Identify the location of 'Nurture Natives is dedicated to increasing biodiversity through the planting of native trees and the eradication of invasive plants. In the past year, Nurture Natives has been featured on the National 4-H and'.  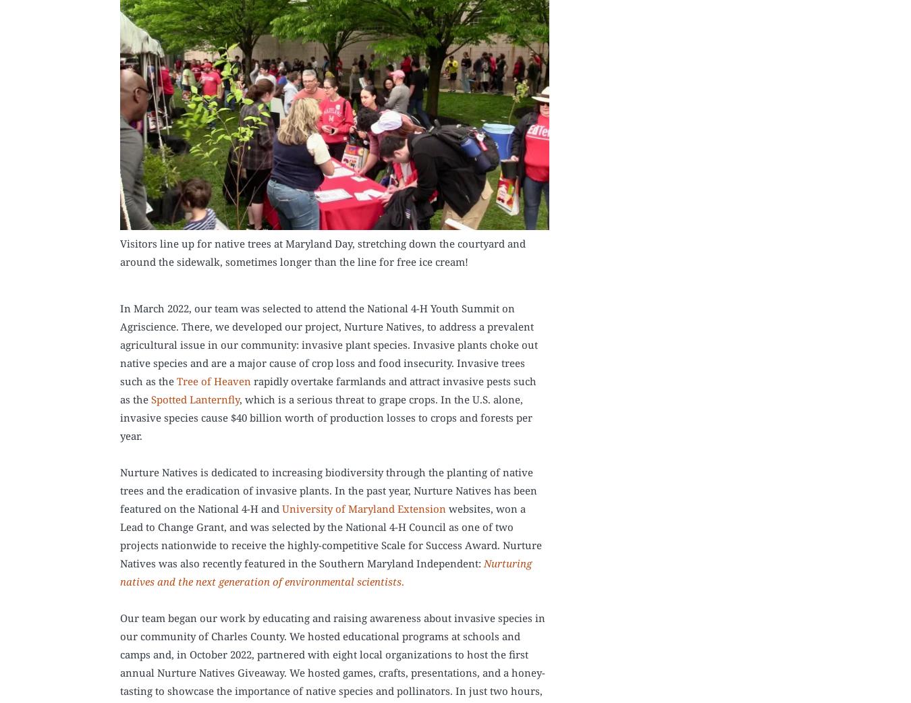
(327, 490).